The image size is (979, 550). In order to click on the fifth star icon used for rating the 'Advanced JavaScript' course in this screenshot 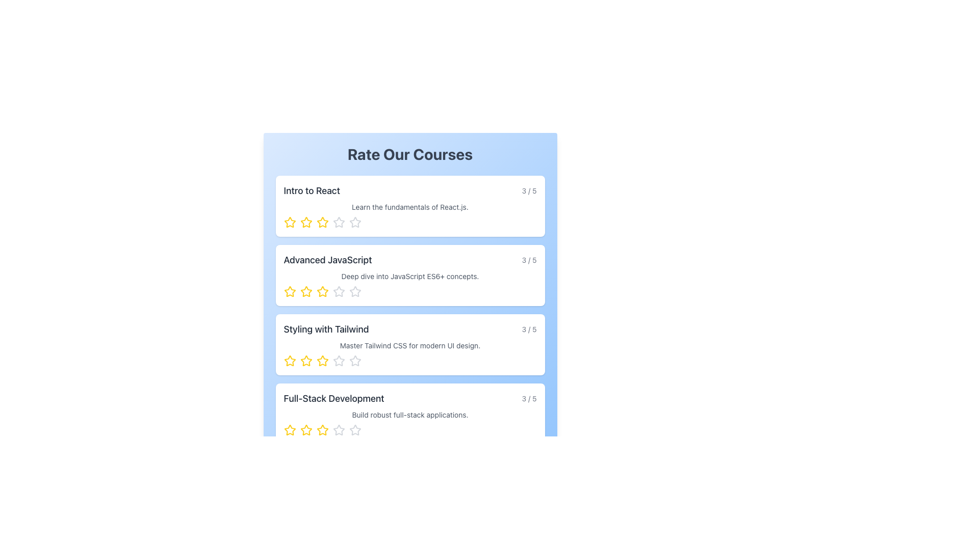, I will do `click(355, 292)`.